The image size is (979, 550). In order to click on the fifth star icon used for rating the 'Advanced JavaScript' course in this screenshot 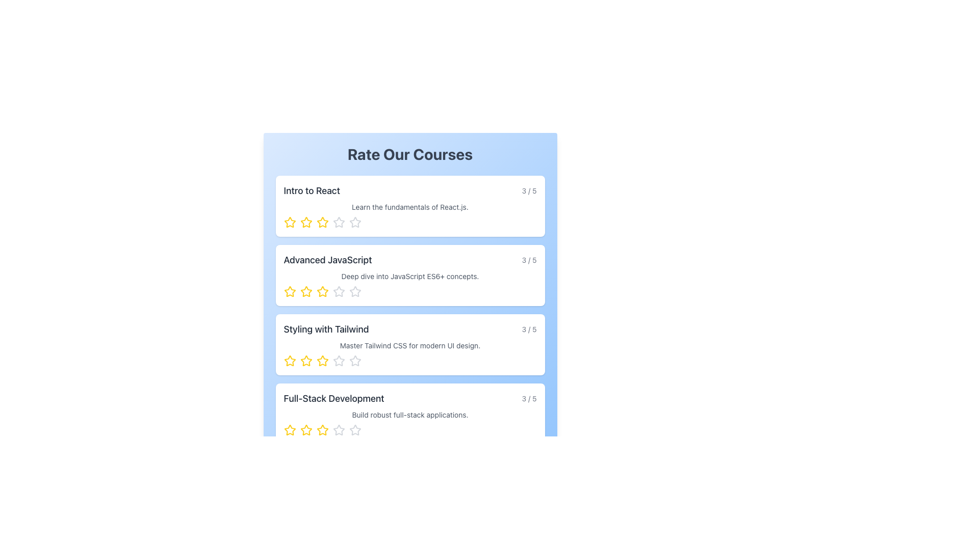, I will do `click(355, 292)`.